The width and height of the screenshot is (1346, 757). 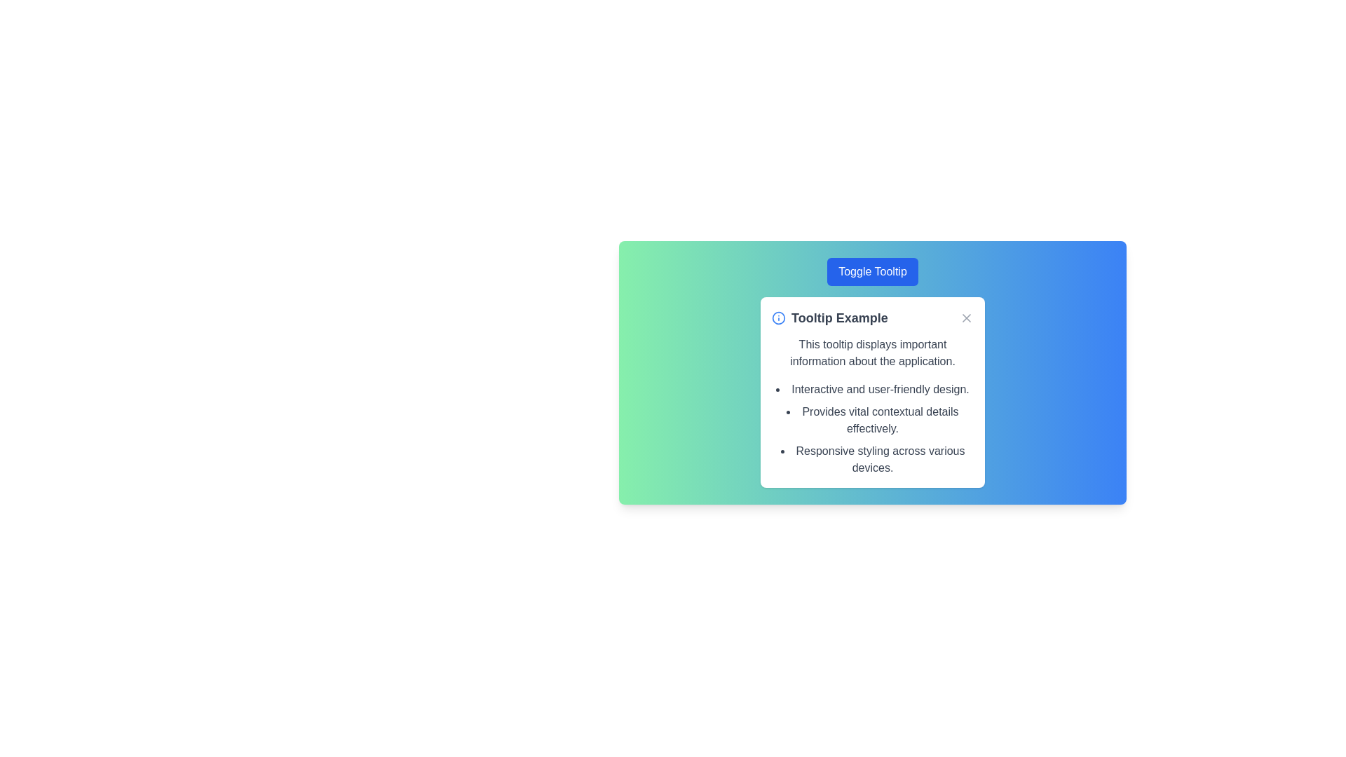 I want to click on the text element reading 'Interactive and user-friendly design.' which is the first item in a vertical bullet list within a tooltip modal titled 'Tooltip Example', so click(x=871, y=389).